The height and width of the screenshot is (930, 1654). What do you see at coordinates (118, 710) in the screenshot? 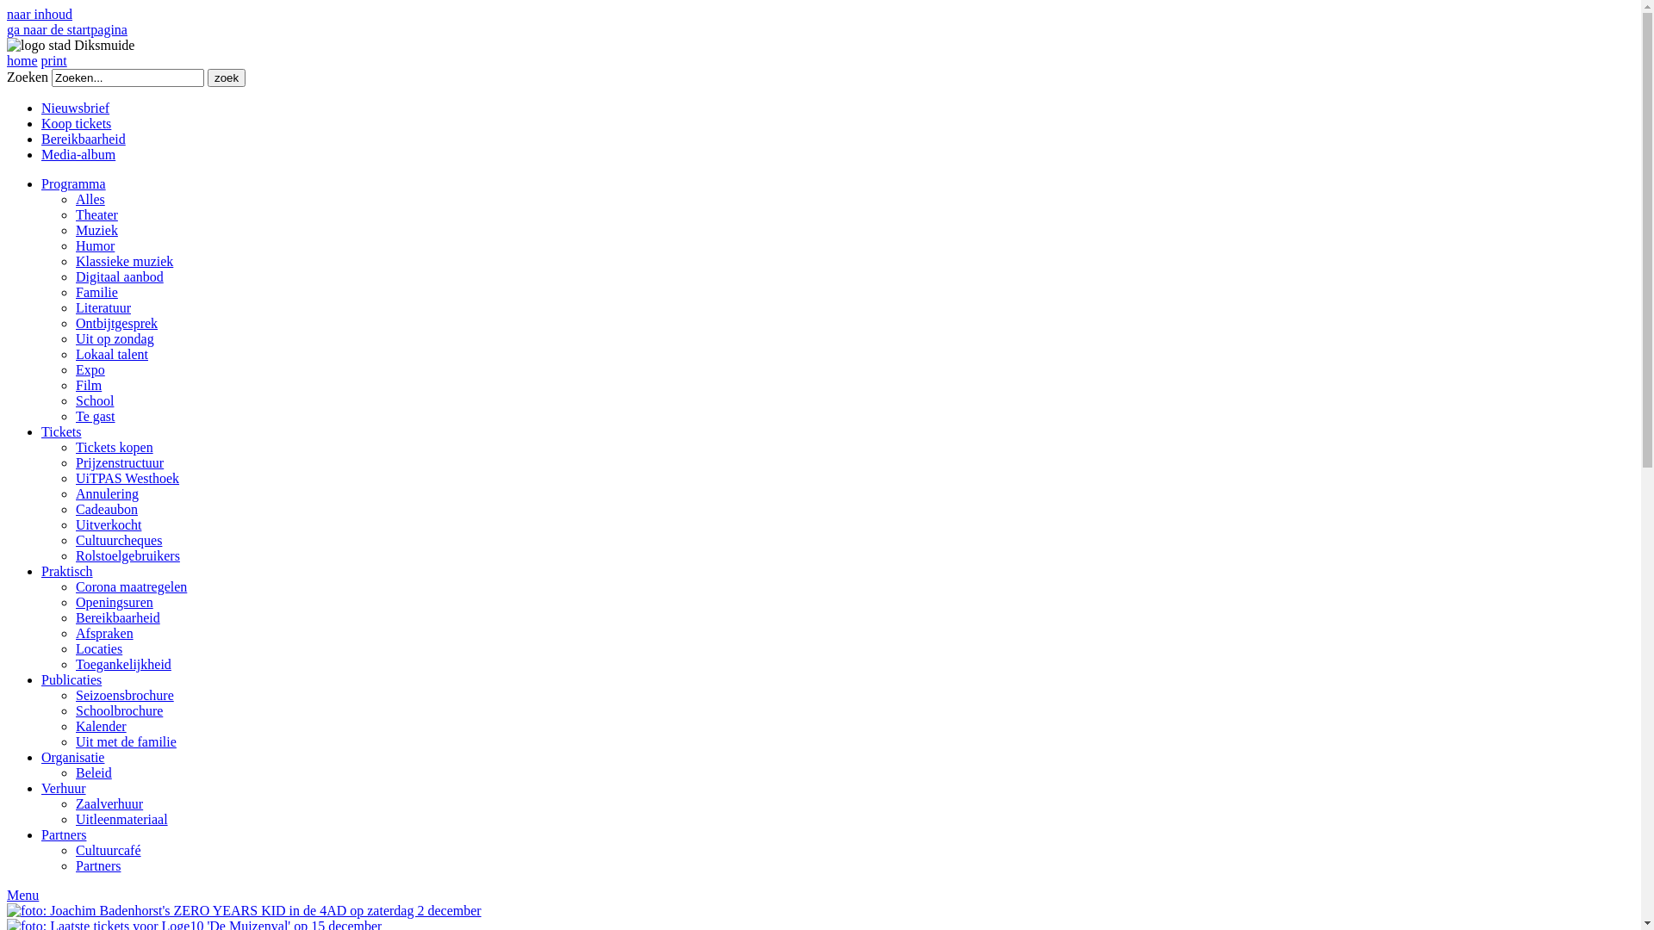
I see `'Schoolbrochure'` at bounding box center [118, 710].